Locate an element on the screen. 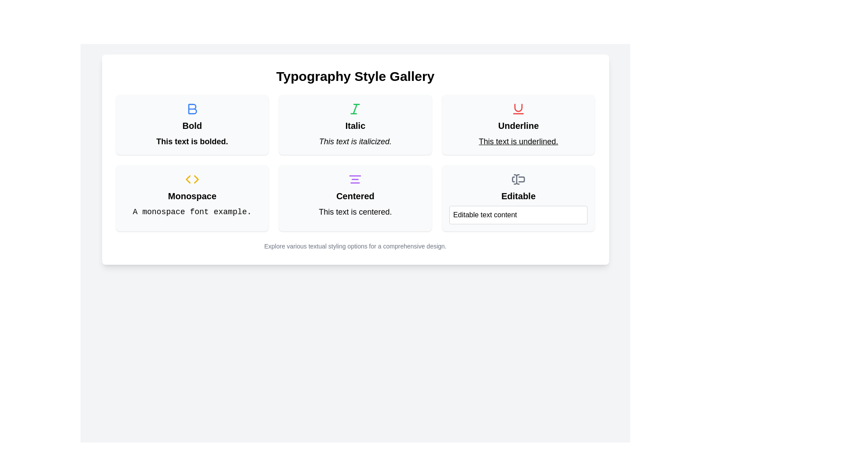  the bold text label element that serves as a title or header, positioned below an icon and above a descriptive text element is located at coordinates (191, 125).